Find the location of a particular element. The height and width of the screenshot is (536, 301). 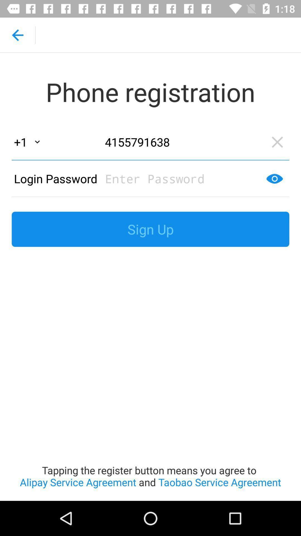

the close icon is located at coordinates (277, 142).